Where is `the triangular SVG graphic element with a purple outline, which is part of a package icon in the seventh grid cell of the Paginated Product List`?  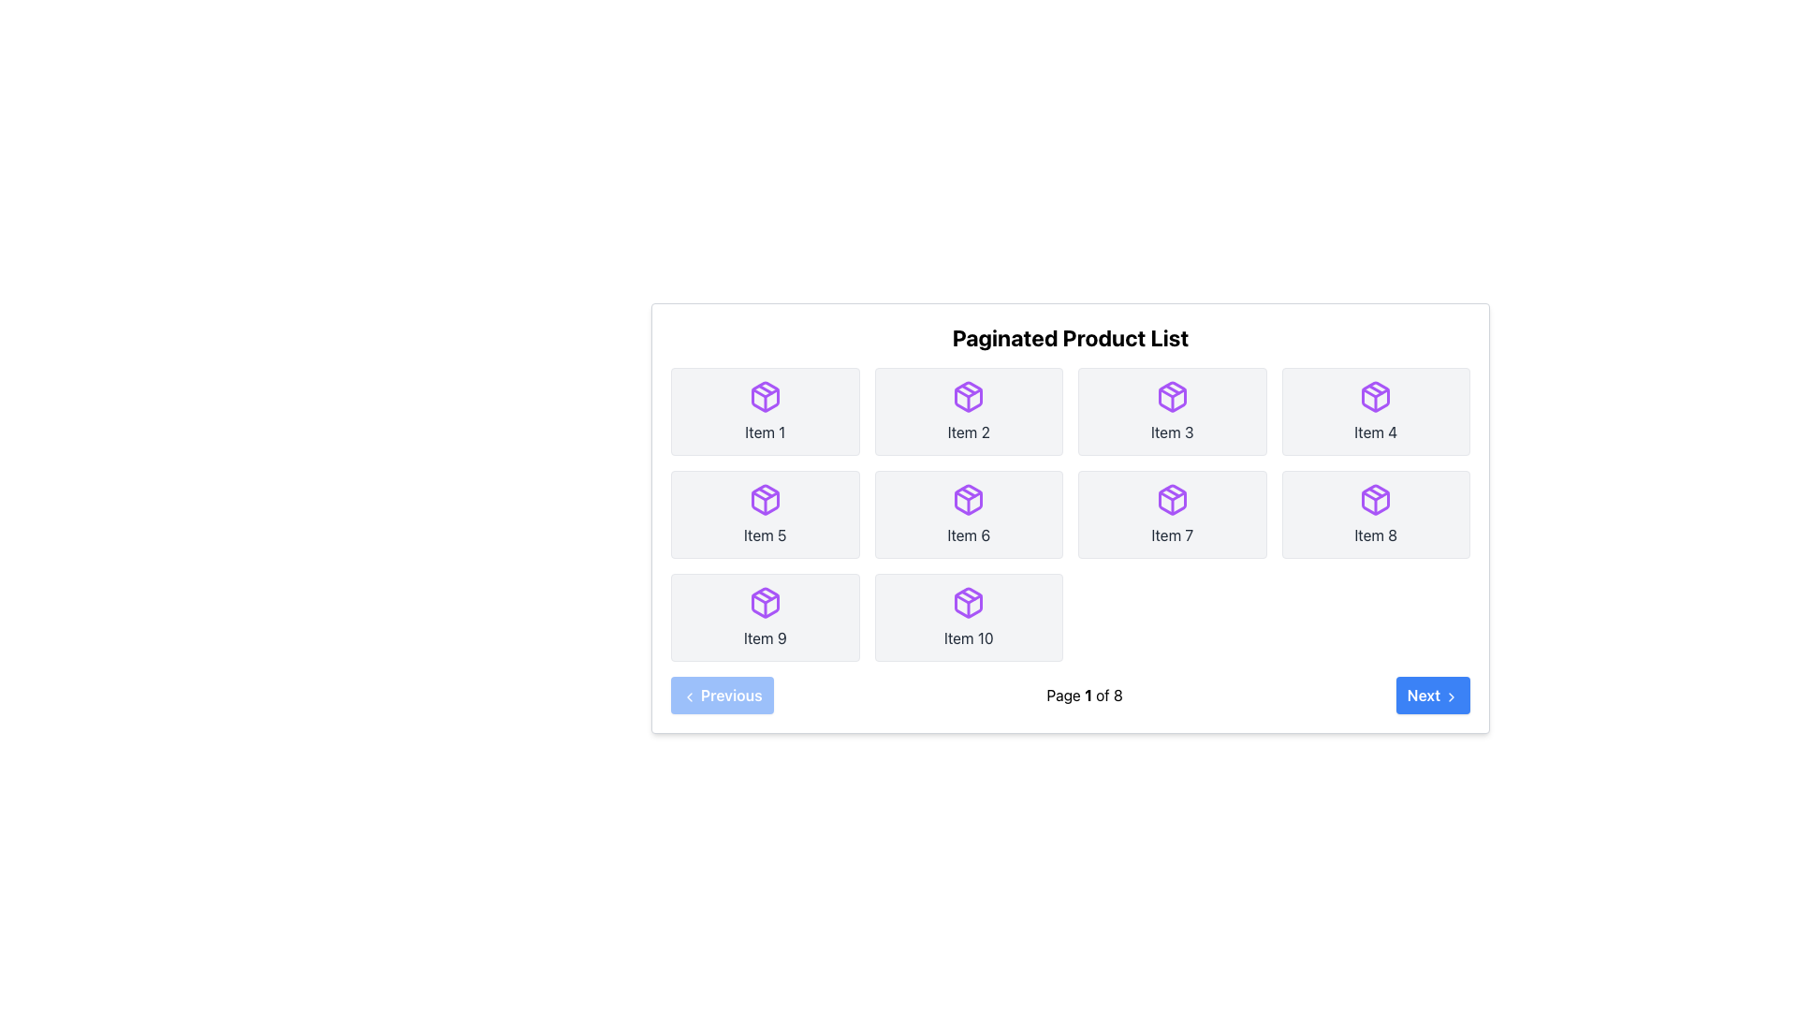 the triangular SVG graphic element with a purple outline, which is part of a package icon in the seventh grid cell of the Paginated Product List is located at coordinates (1171, 495).